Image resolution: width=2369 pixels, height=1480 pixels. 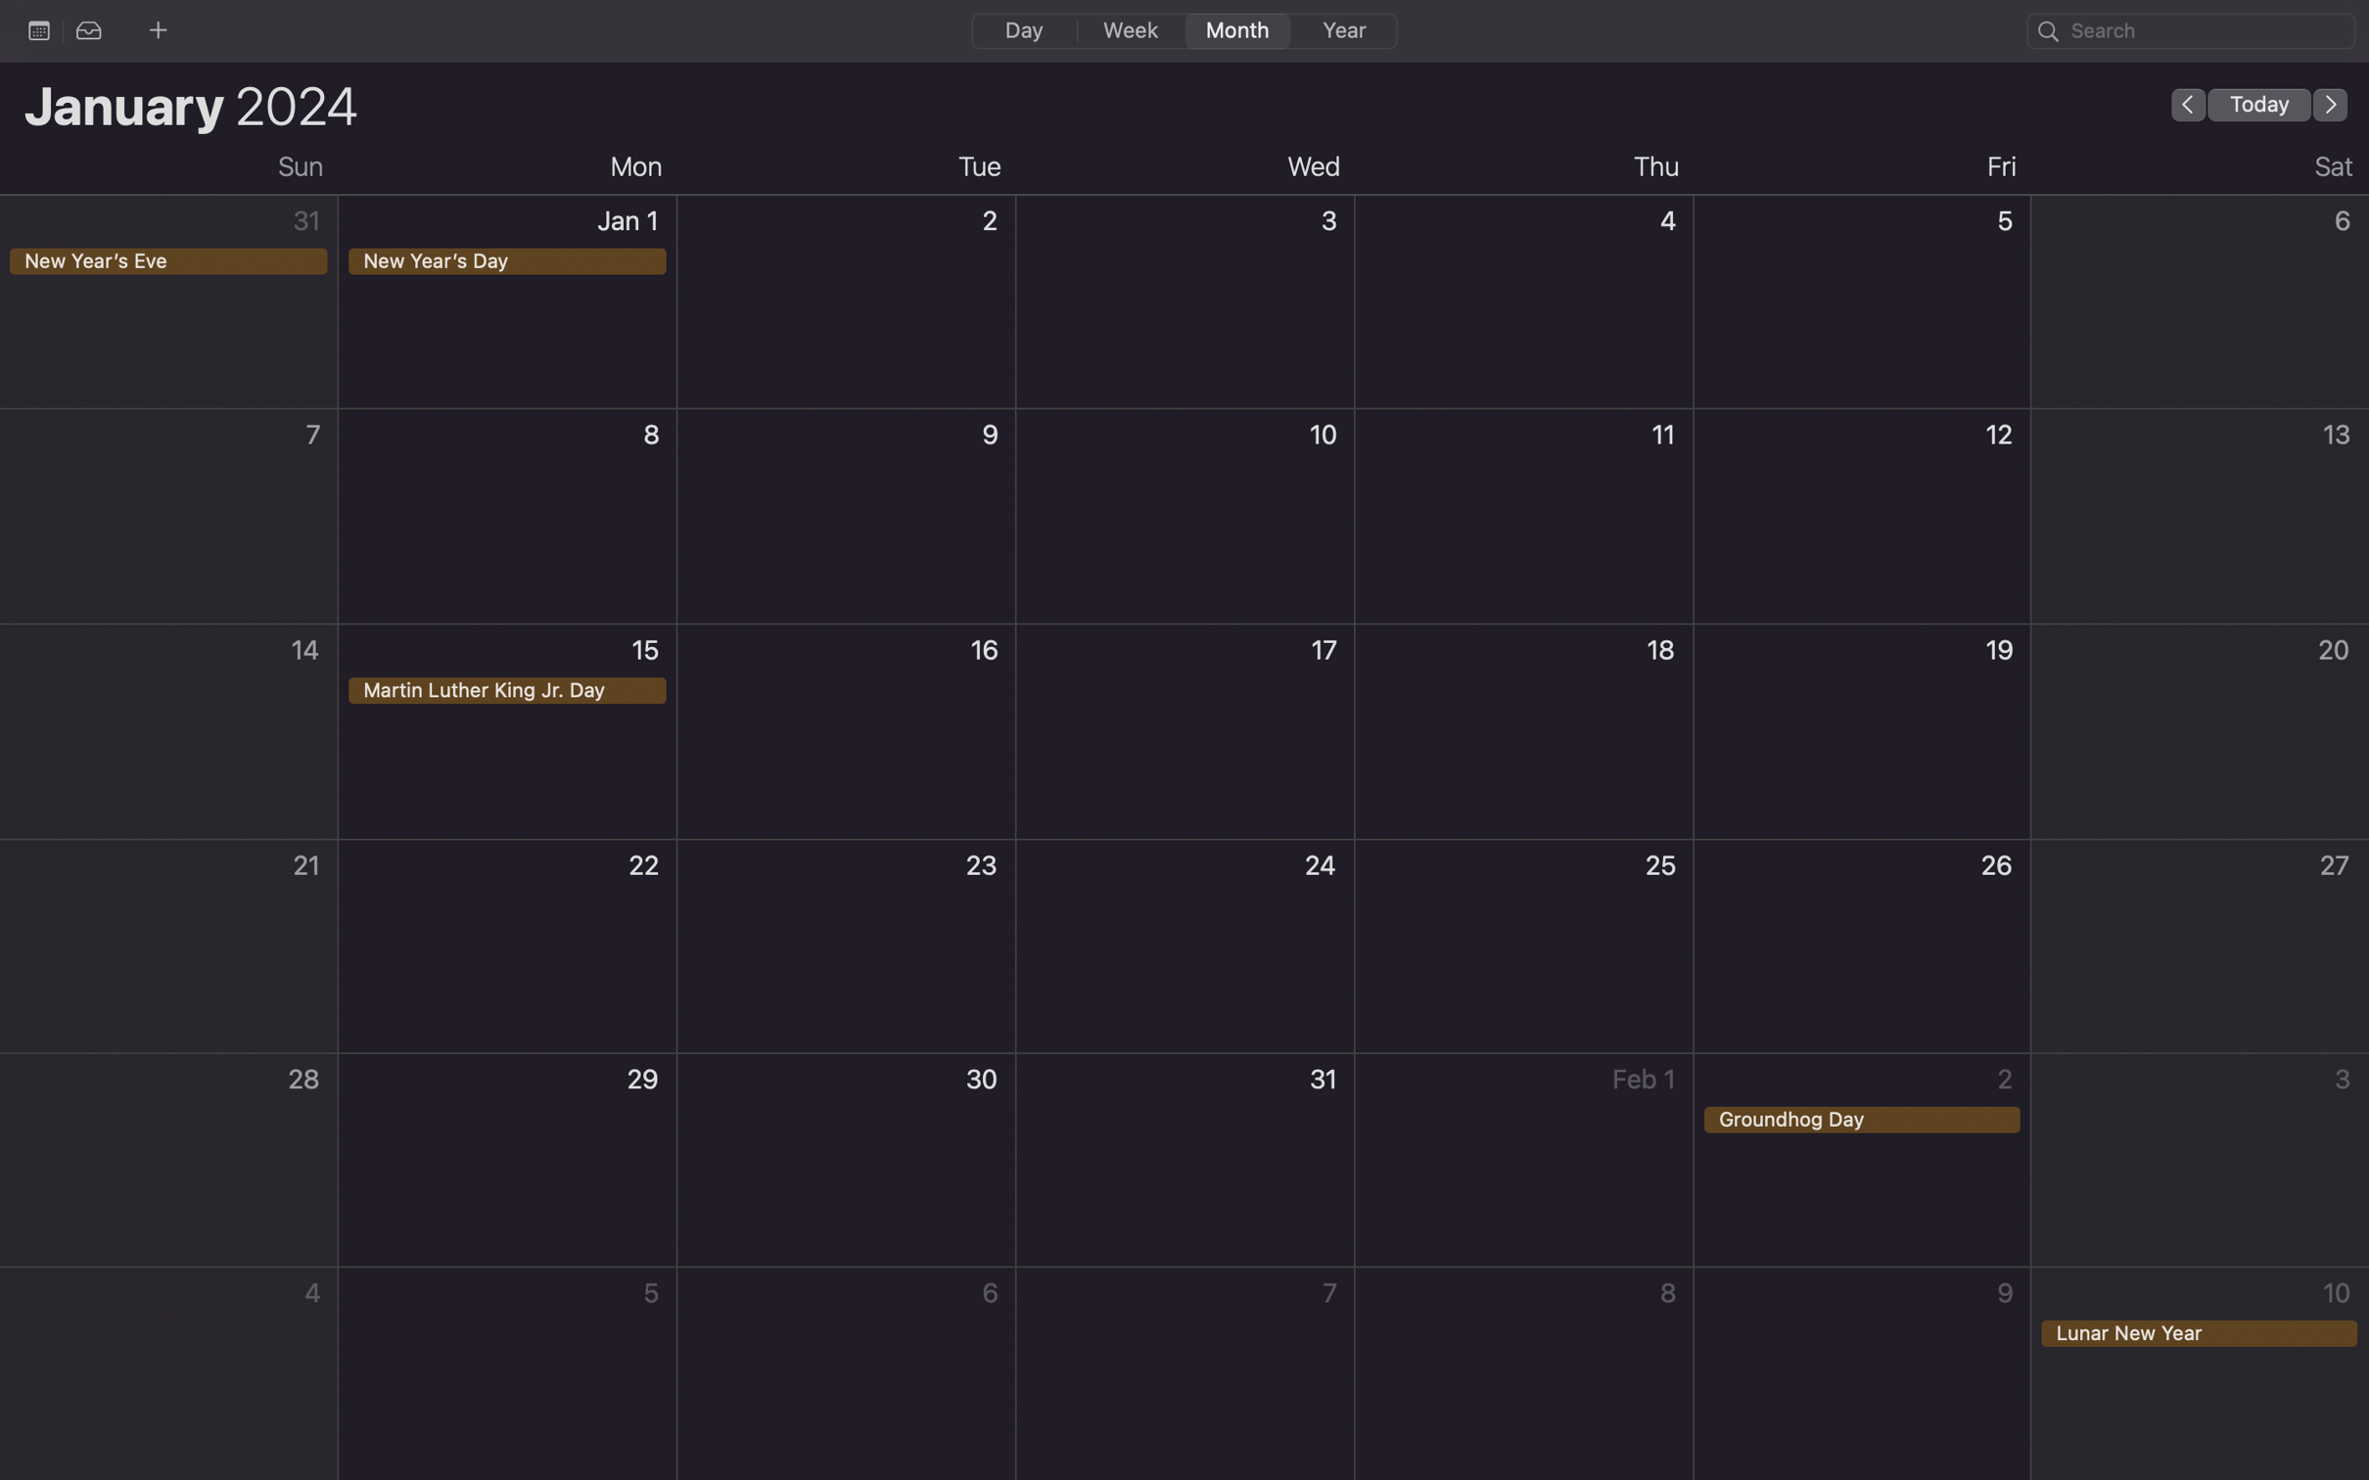 I want to click on Shift the calendar view to show the complete year, so click(x=1341, y=29).